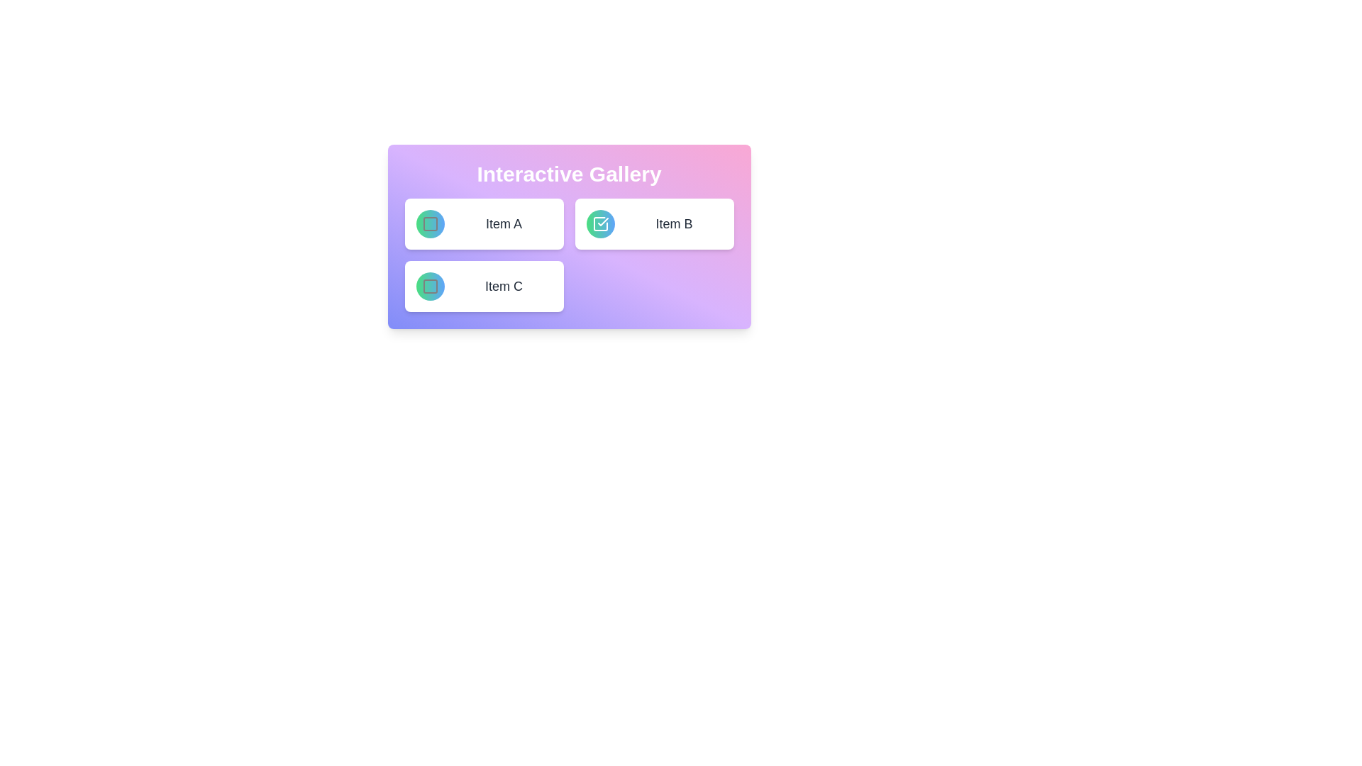 The height and width of the screenshot is (766, 1362). Describe the element at coordinates (429, 223) in the screenshot. I see `the interactive button located to the far left of the top row associated with 'Item A'` at that location.